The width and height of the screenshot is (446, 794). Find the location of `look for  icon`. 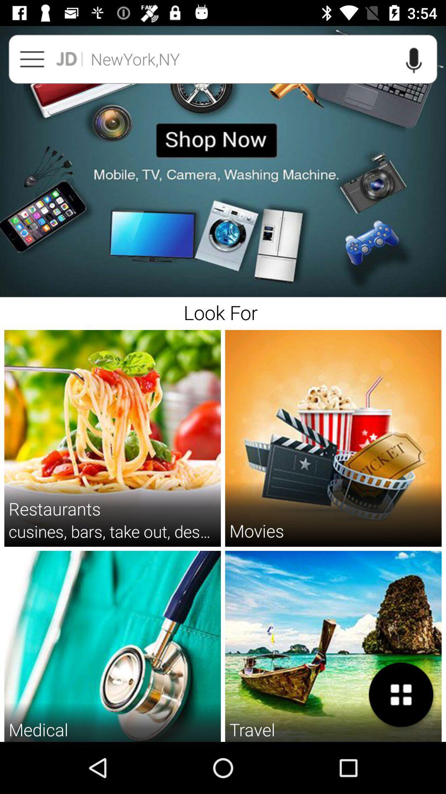

look for  icon is located at coordinates (223, 311).